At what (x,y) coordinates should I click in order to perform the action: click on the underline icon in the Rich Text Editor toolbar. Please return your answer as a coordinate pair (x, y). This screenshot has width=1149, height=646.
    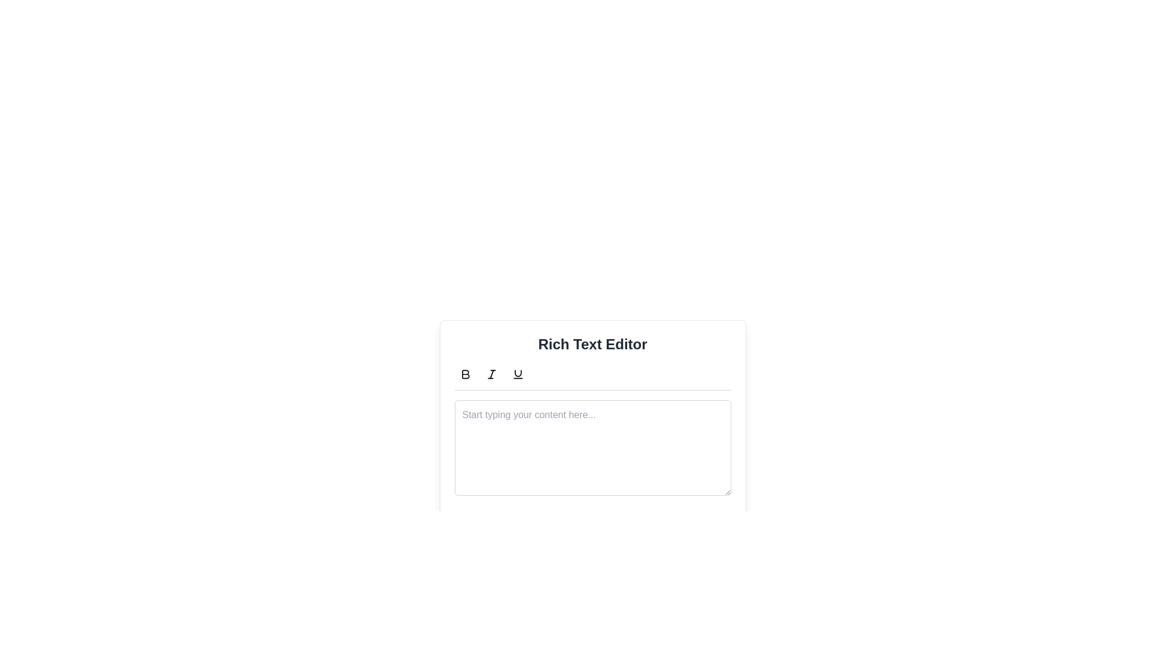
    Looking at the image, I should click on (518, 373).